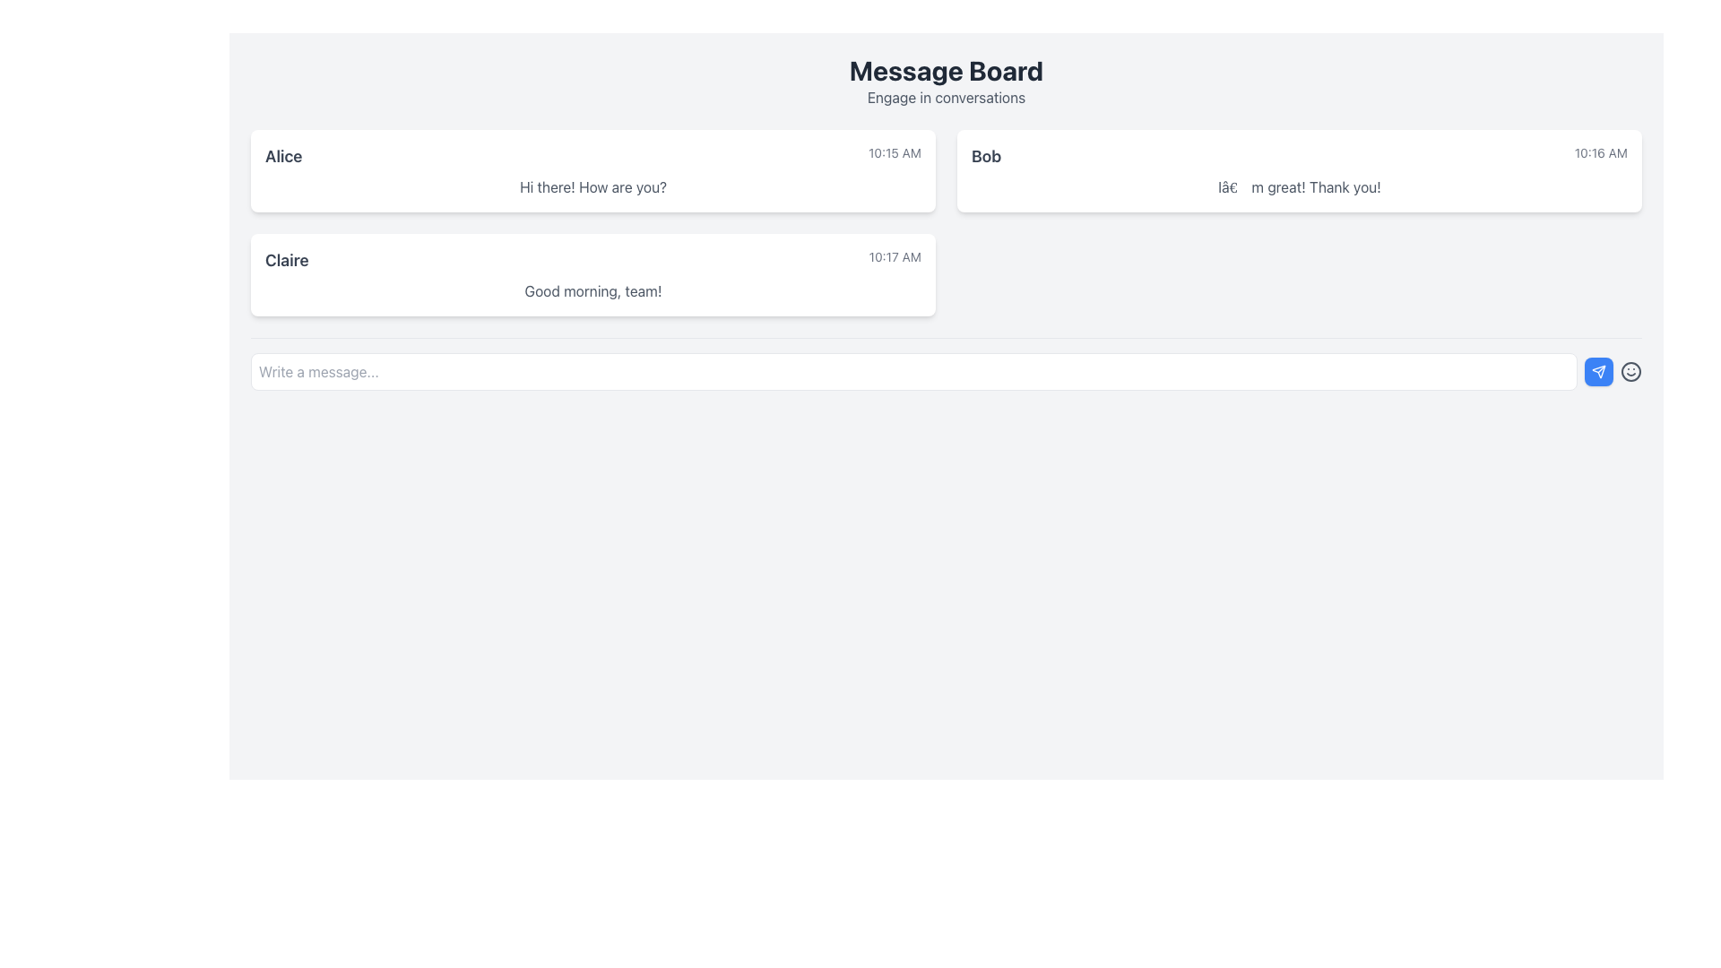 The height and width of the screenshot is (968, 1721). What do you see at coordinates (1599, 371) in the screenshot?
I see `the blue triangular icon button located on the right edge of the input section to send a message` at bounding box center [1599, 371].